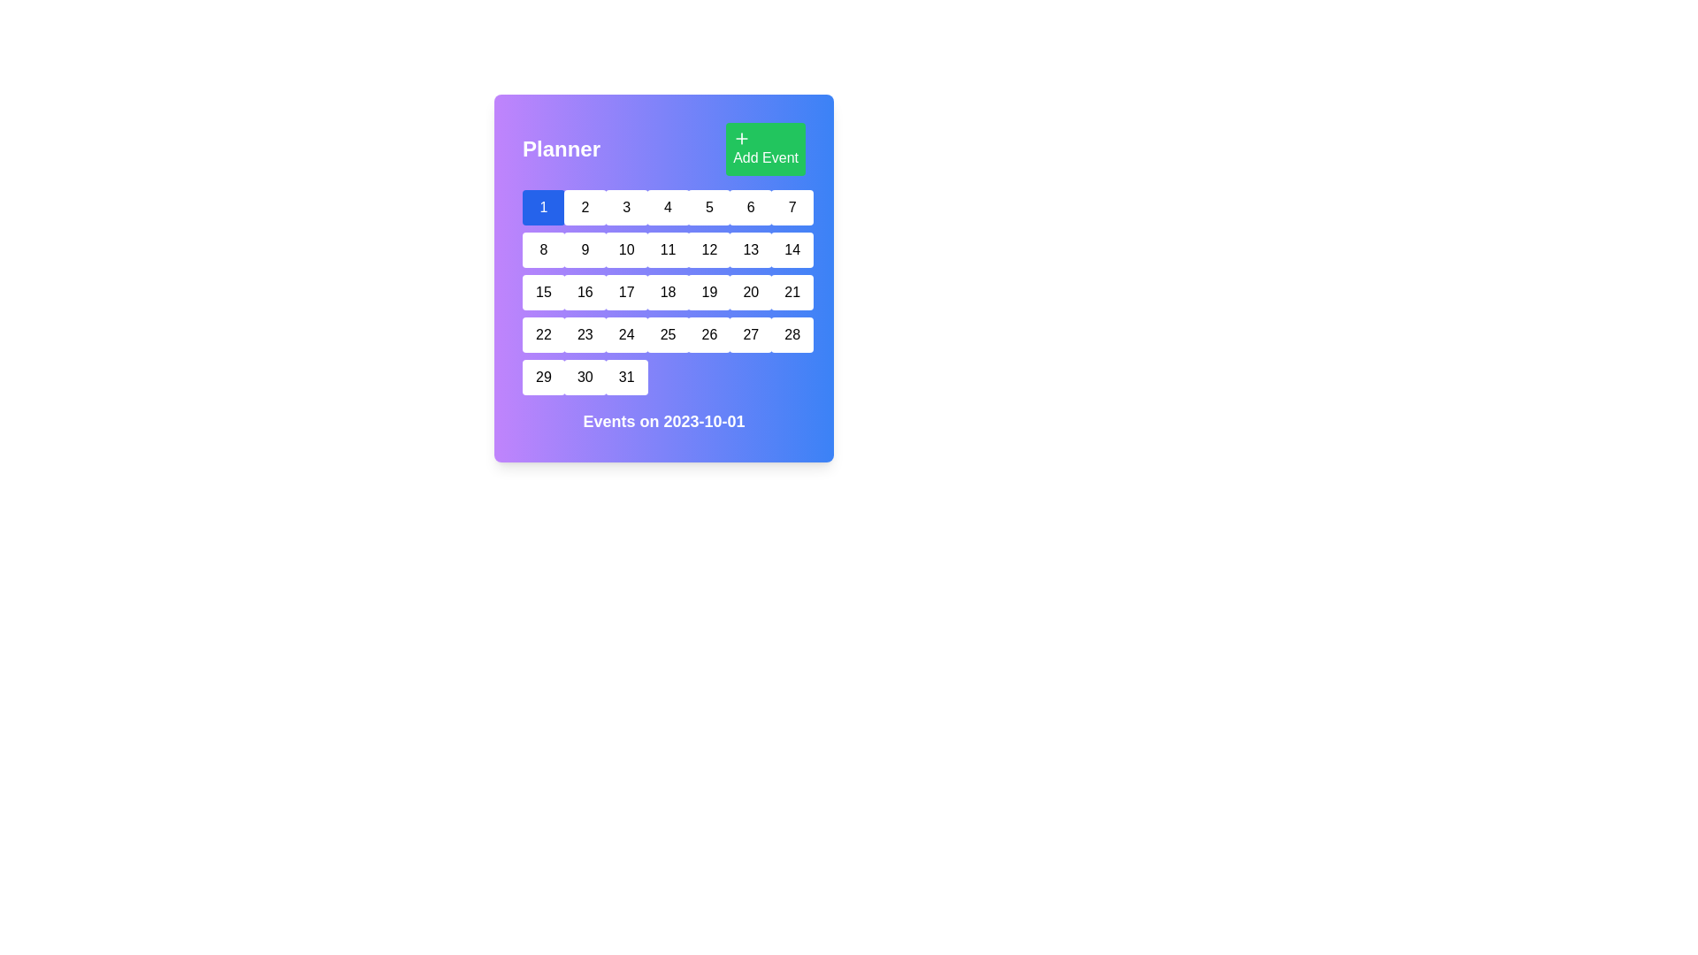 Image resolution: width=1698 pixels, height=955 pixels. Describe the element at coordinates (662, 292) in the screenshot. I see `a specific date cell in the Calendar grid, which is located centrally within the card titled 'Planner'` at that location.